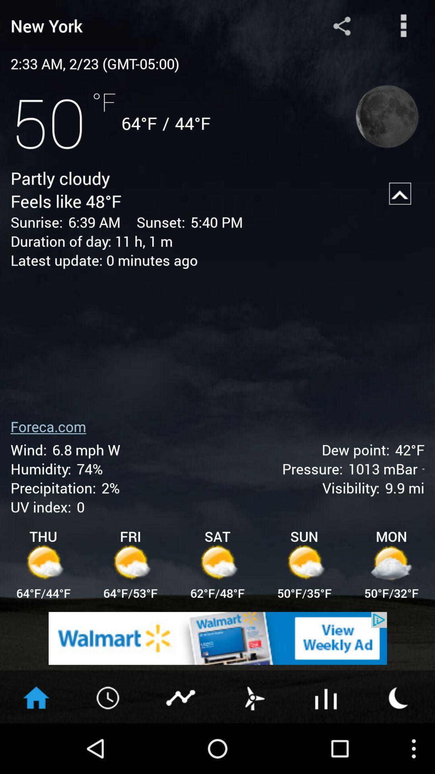  Describe the element at coordinates (404, 25) in the screenshot. I see `more options` at that location.